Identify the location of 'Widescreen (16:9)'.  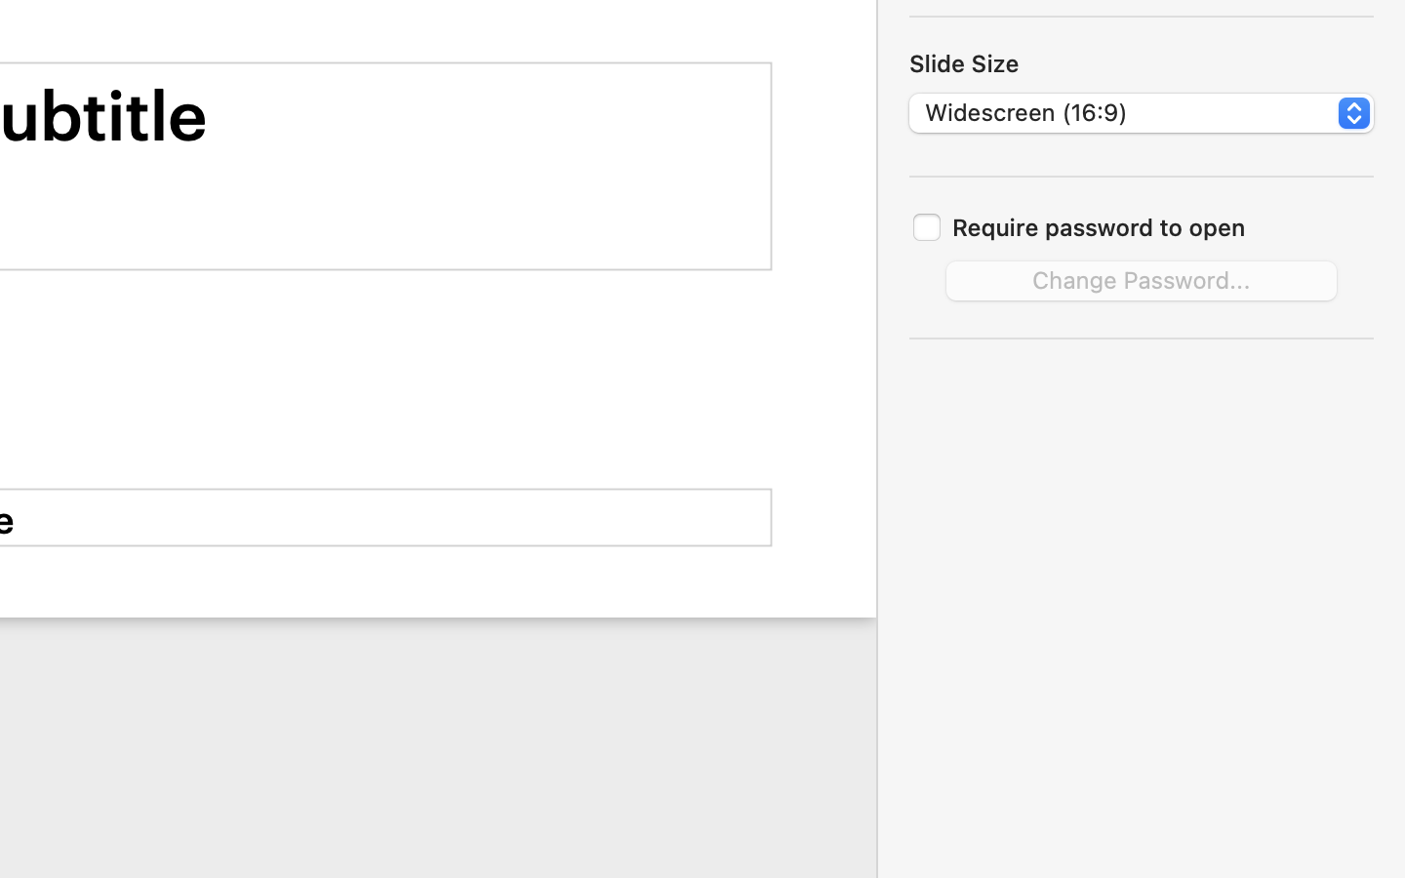
(1143, 115).